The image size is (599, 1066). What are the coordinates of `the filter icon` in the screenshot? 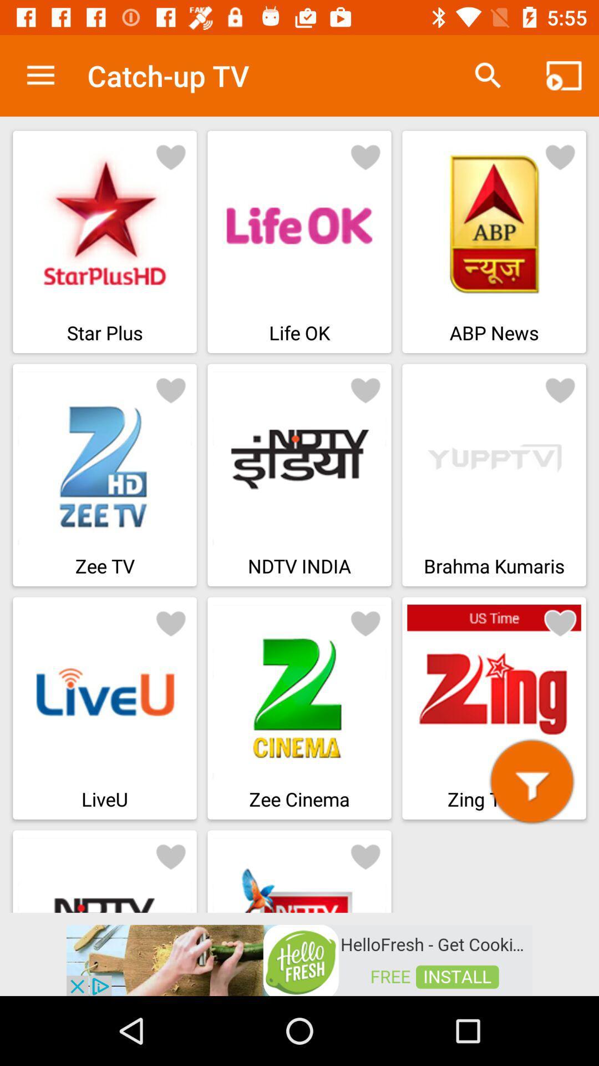 It's located at (531, 781).